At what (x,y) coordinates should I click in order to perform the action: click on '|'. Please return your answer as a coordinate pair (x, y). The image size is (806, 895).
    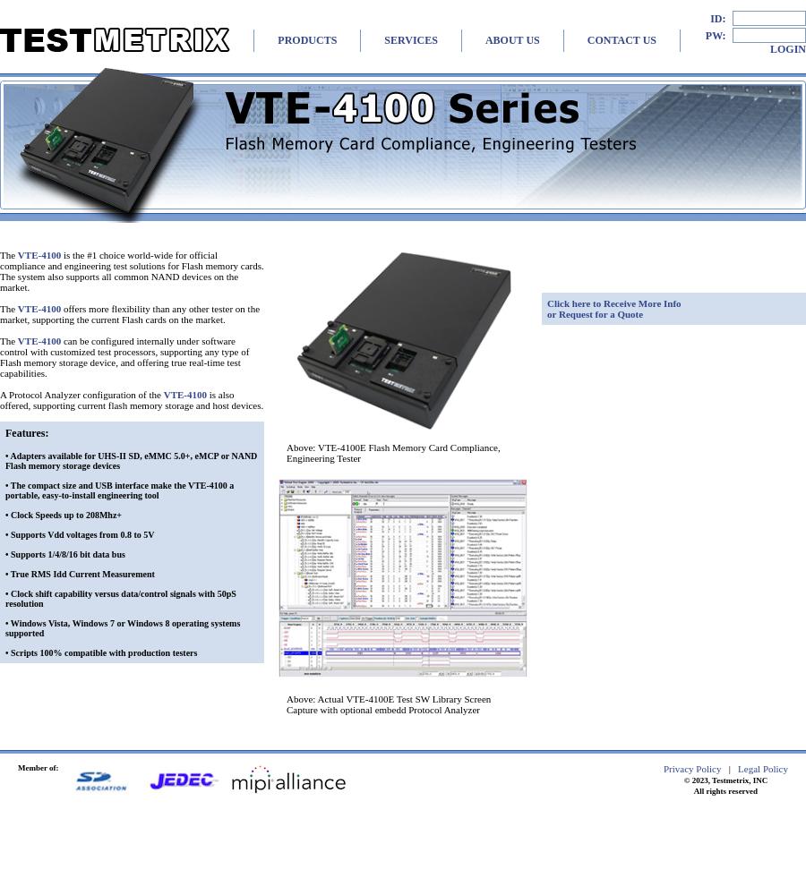
    Looking at the image, I should click on (729, 768).